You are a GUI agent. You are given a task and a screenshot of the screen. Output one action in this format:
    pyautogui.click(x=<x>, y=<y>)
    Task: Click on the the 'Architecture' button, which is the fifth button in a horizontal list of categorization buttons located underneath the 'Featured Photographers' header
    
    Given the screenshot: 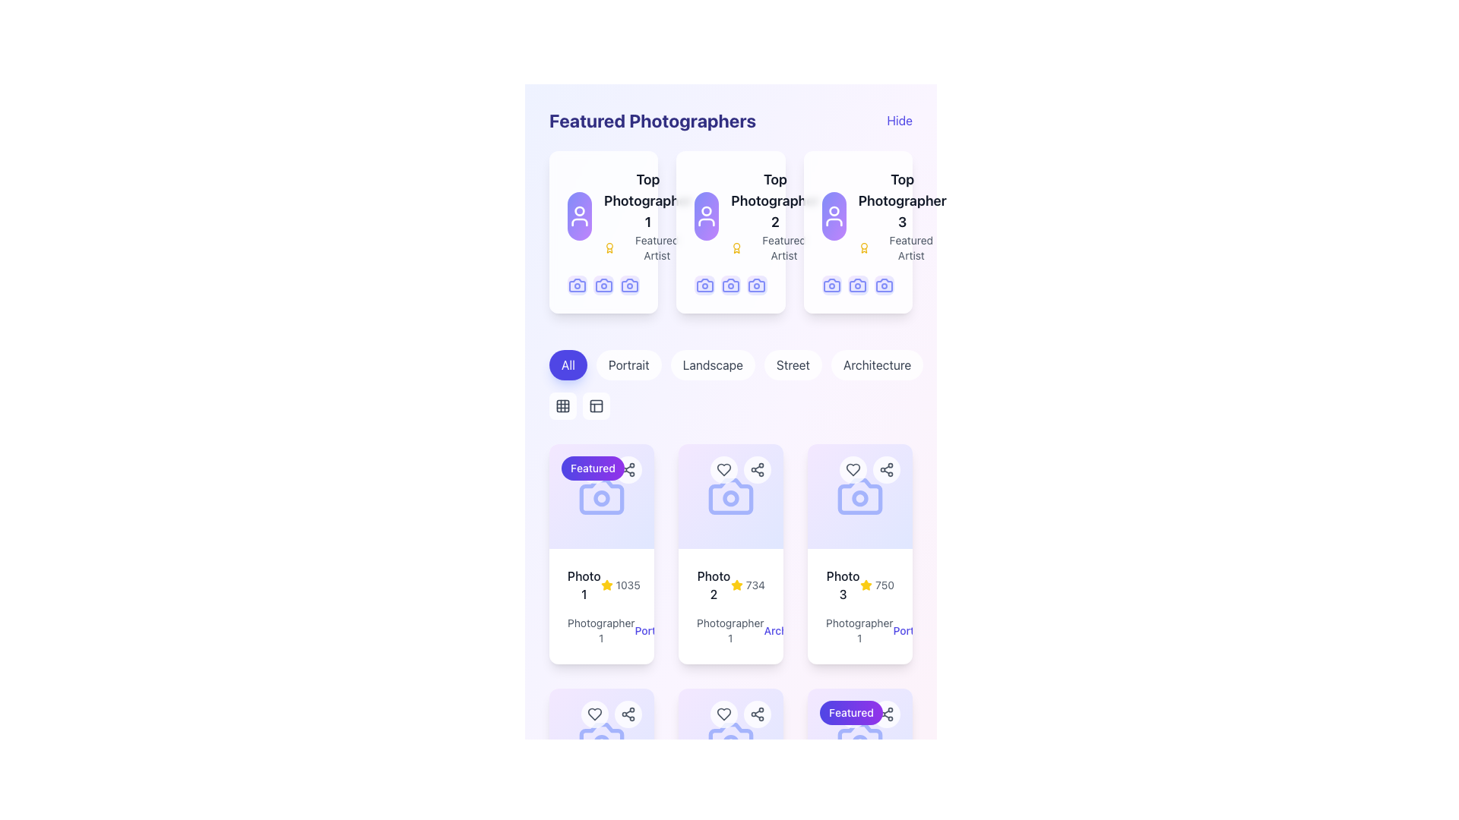 What is the action you would take?
    pyautogui.click(x=877, y=365)
    